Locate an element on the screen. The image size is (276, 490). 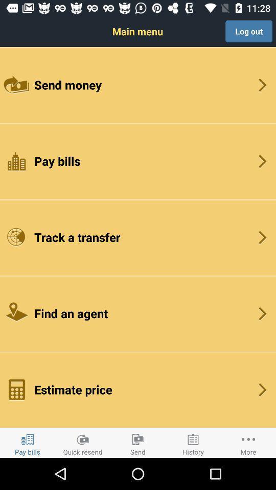
button below track a transfer item is located at coordinates (138, 313).